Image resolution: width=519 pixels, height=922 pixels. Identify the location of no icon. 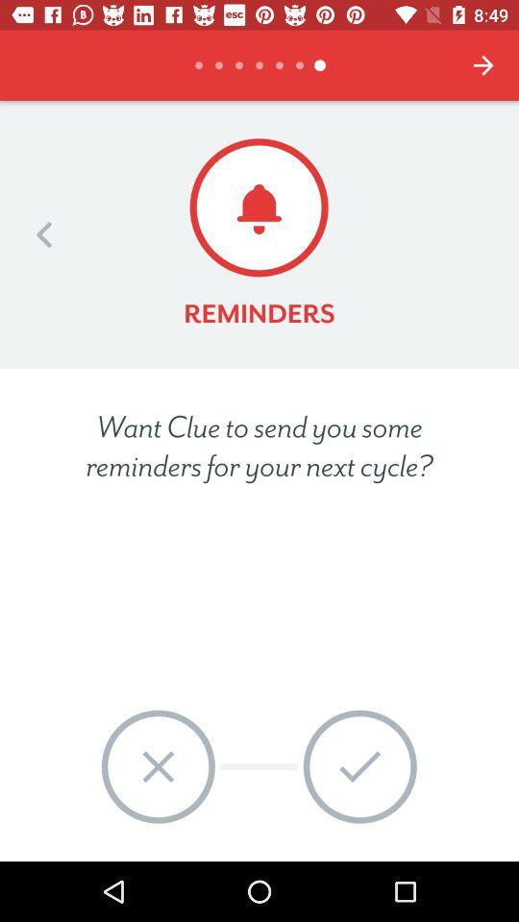
(157, 766).